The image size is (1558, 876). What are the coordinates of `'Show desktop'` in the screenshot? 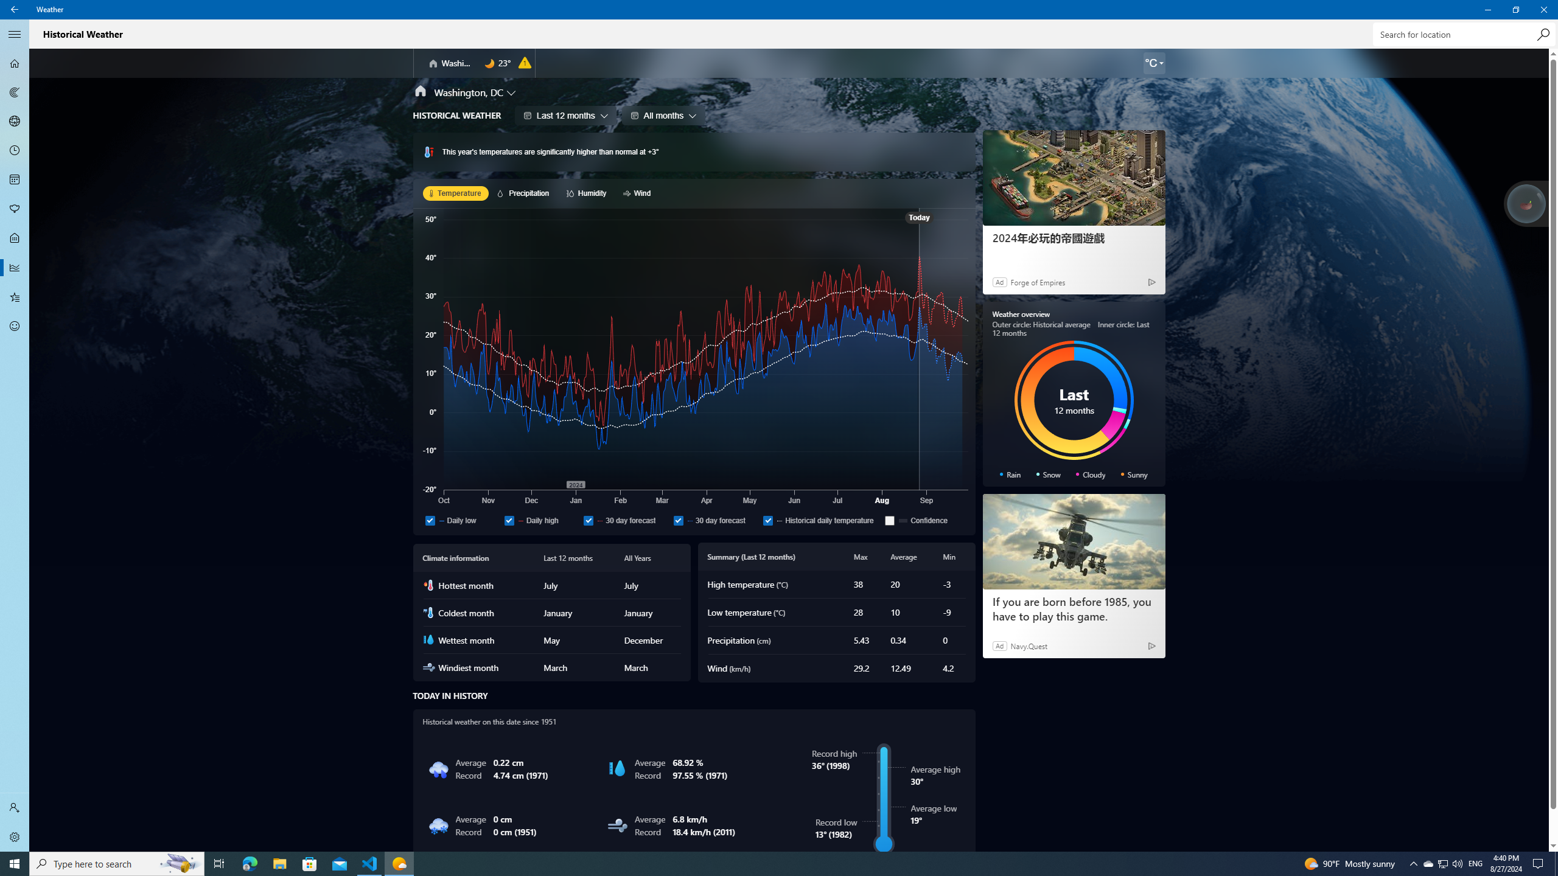 It's located at (1556, 863).